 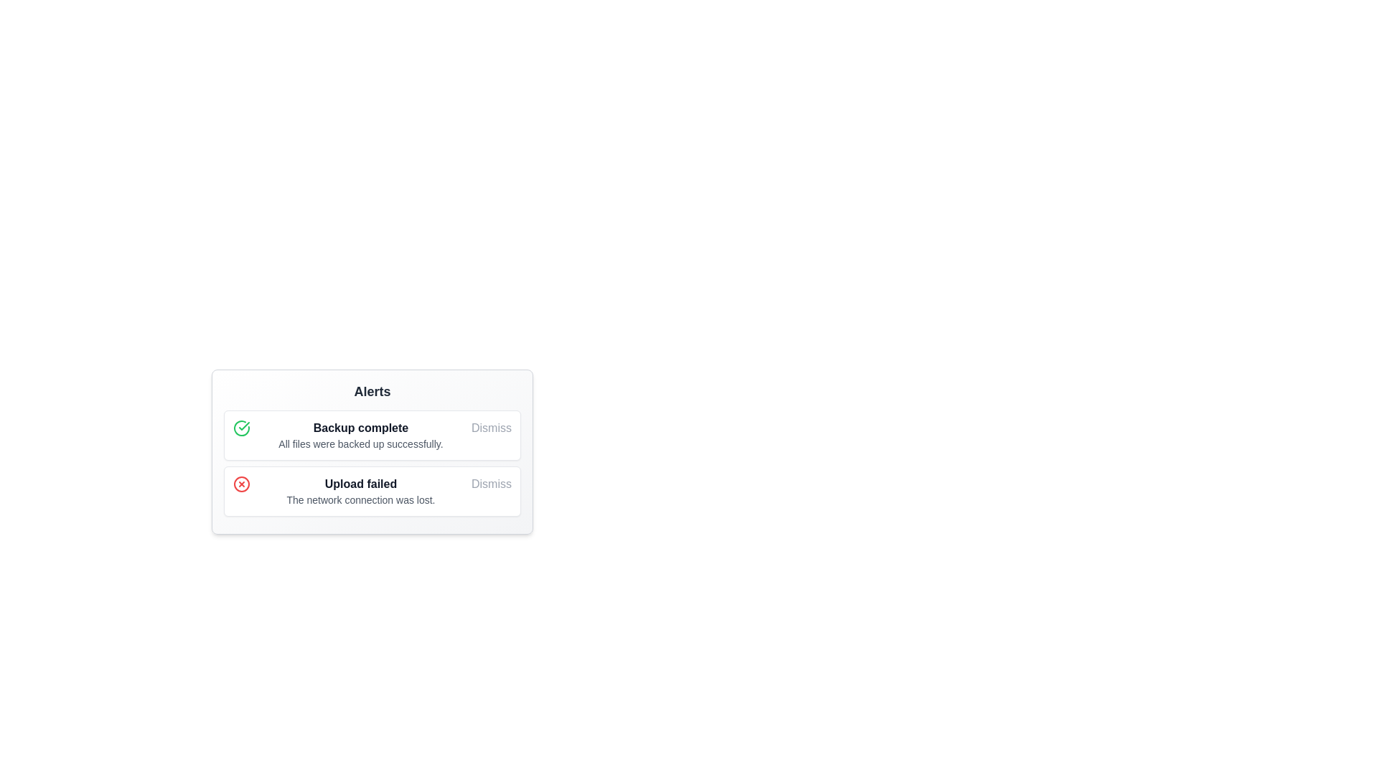 I want to click on message displayed as the title in the second alert entry of the alert box indicating the failure of the upload process, so click(x=361, y=484).